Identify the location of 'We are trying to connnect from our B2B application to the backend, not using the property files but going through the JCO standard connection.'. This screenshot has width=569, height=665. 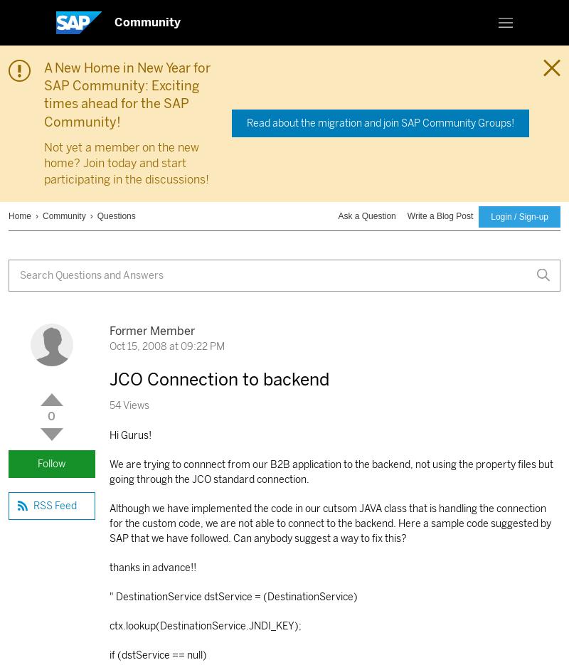
(329, 472).